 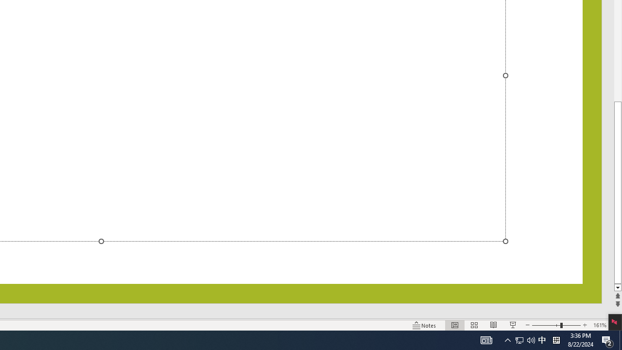 What do you see at coordinates (425, 325) in the screenshot?
I see `'Notes '` at bounding box center [425, 325].